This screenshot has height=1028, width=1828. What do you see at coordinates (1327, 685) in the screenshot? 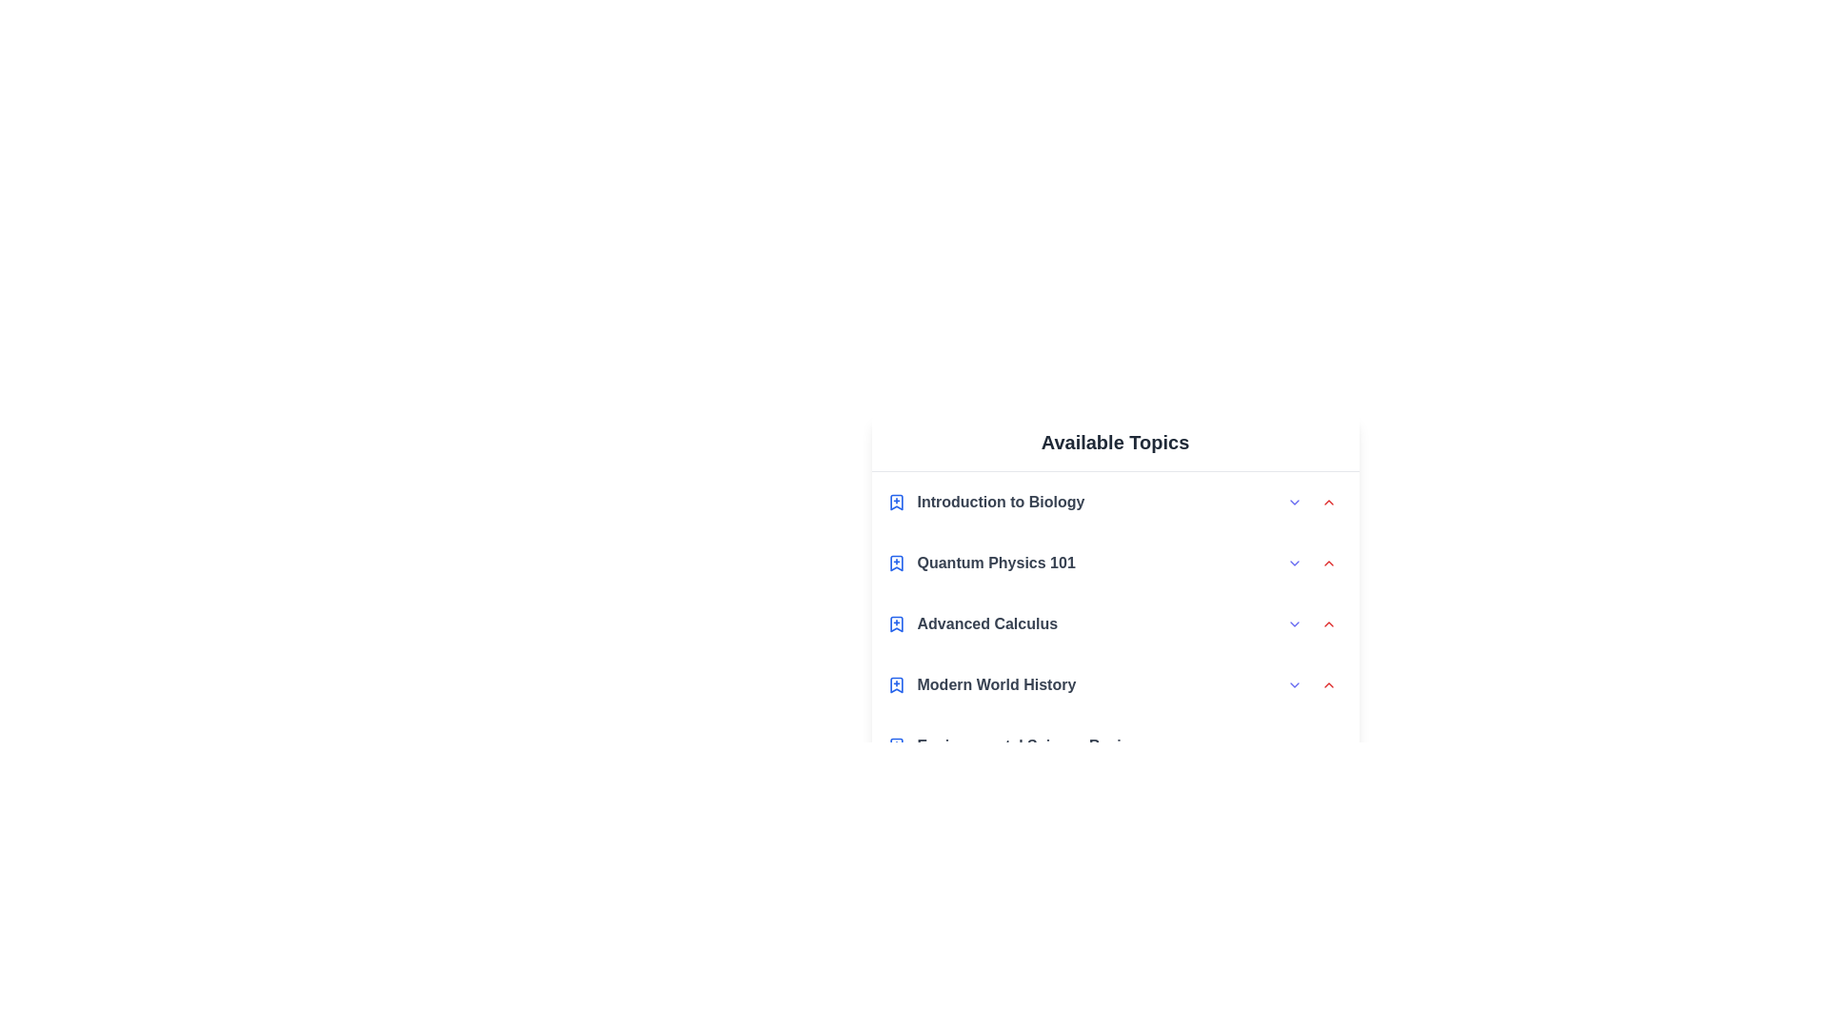
I see `the collapse arrow for the topic Modern World History` at bounding box center [1327, 685].